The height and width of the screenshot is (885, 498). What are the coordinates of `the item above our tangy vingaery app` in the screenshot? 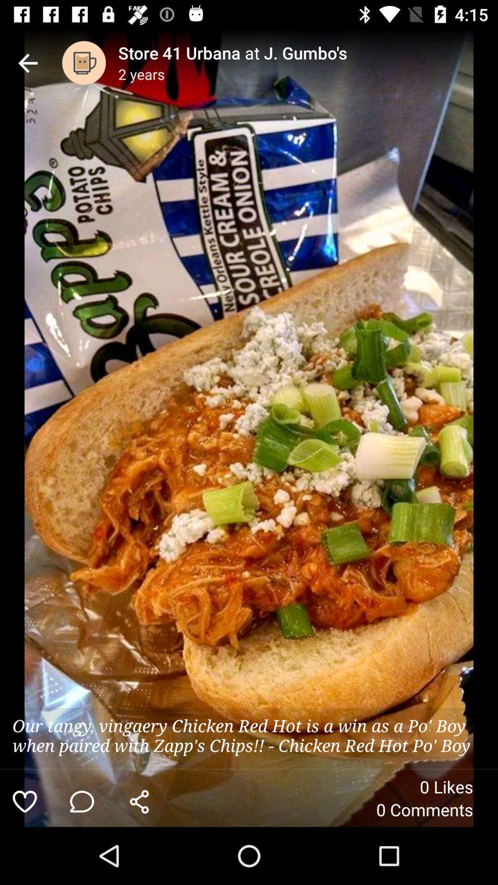 It's located at (27, 62).